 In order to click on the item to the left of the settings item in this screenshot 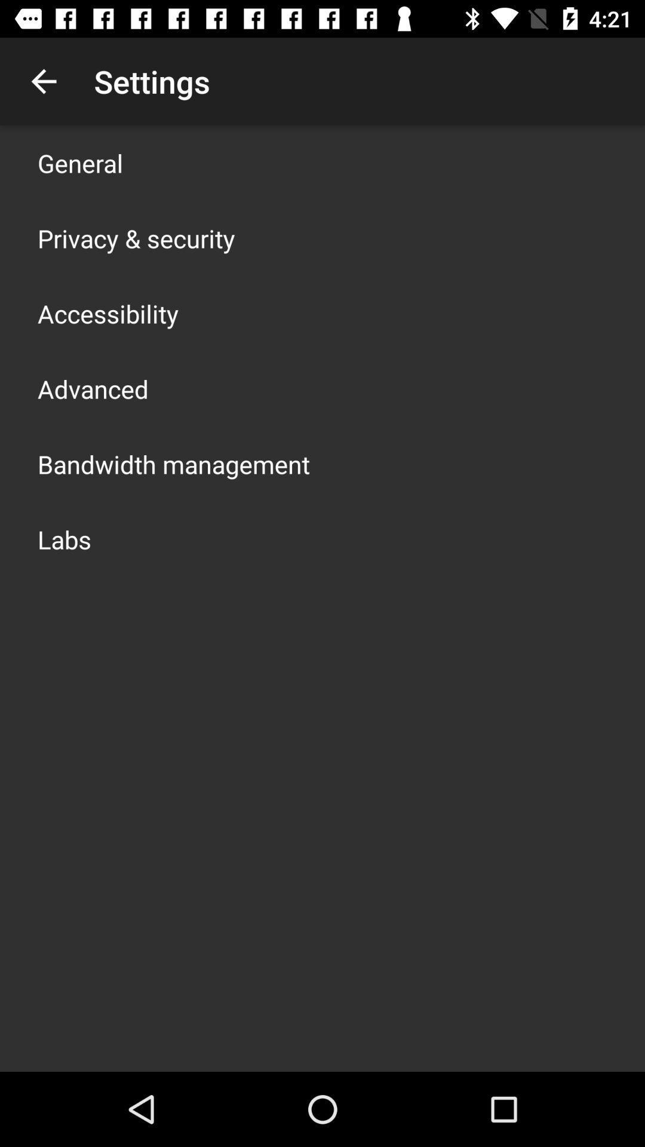, I will do `click(43, 81)`.